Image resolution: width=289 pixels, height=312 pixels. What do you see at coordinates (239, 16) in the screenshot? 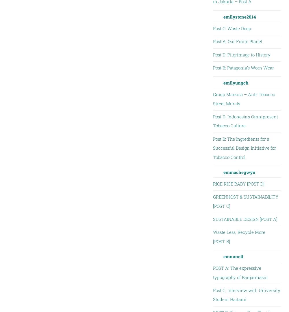
I see `'emilystone2014'` at bounding box center [239, 16].